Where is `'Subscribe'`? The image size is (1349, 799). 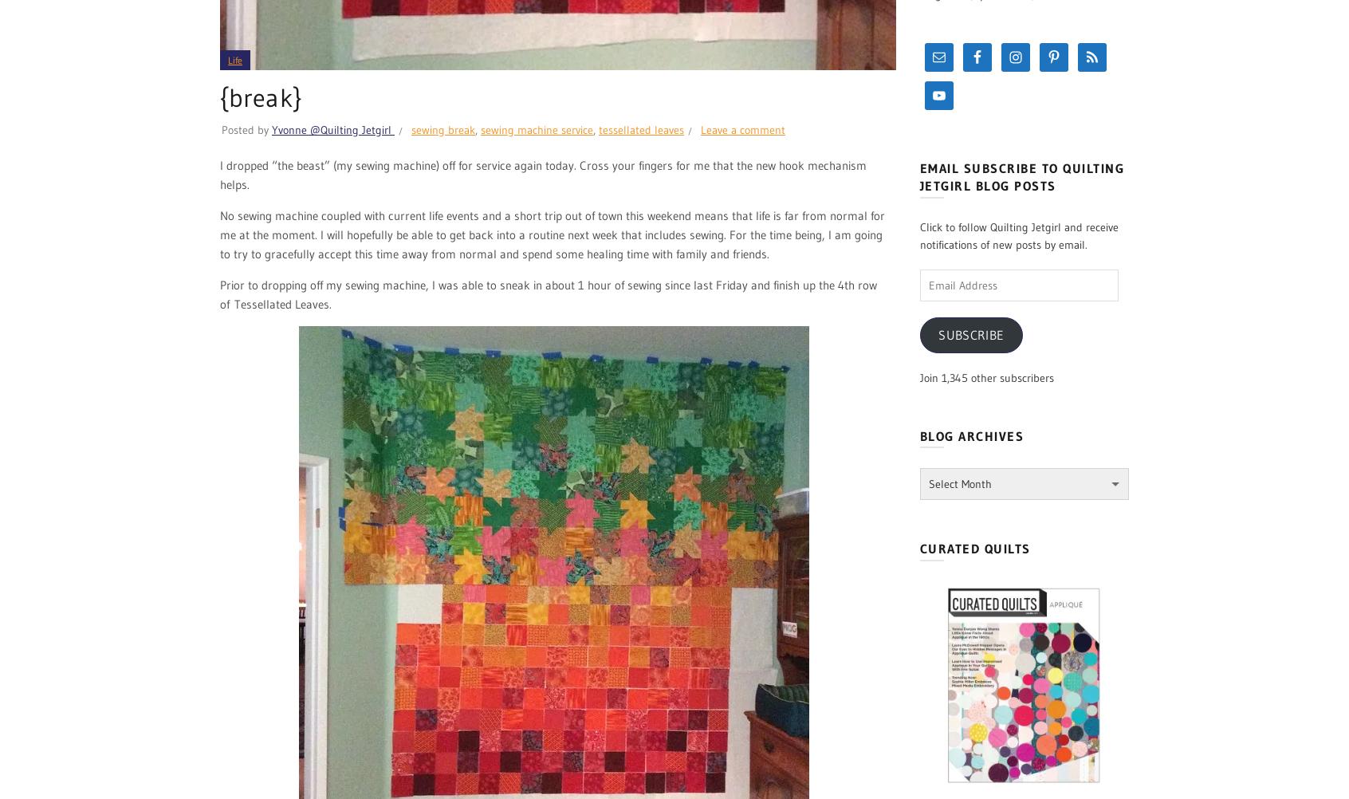 'Subscribe' is located at coordinates (971, 333).